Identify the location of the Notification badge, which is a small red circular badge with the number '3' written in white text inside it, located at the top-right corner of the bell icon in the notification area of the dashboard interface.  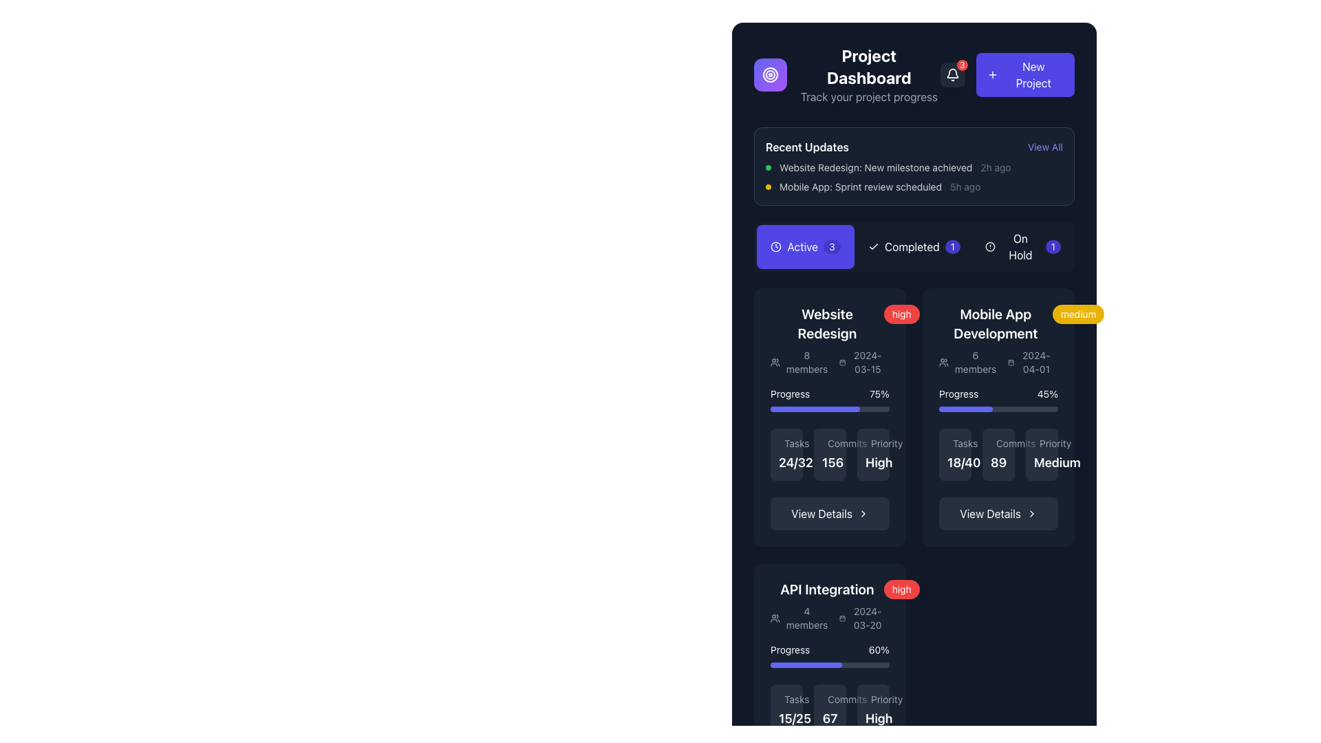
(961, 65).